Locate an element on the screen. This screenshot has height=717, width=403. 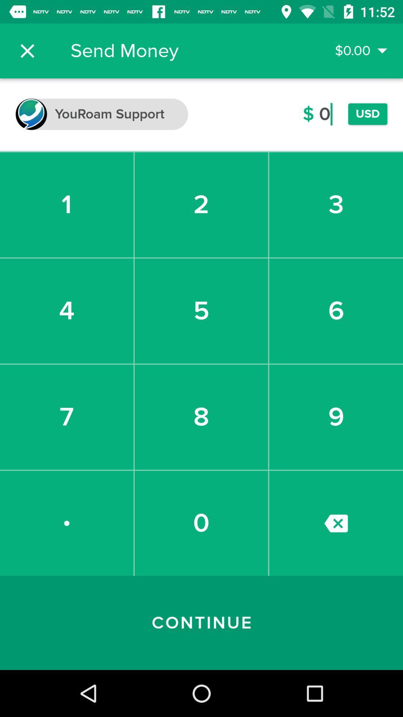
the icon to the left of the send money is located at coordinates (27, 50).